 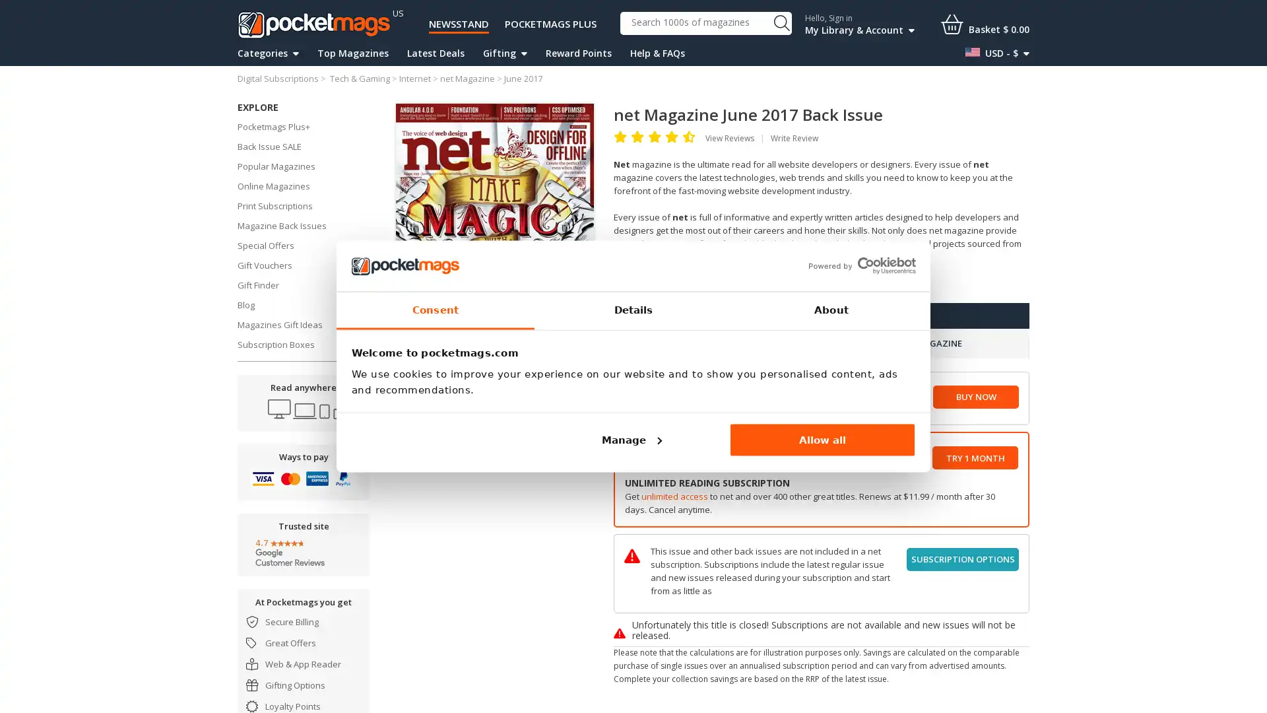 I want to click on PRINT MAGAZINE, so click(x=925, y=343).